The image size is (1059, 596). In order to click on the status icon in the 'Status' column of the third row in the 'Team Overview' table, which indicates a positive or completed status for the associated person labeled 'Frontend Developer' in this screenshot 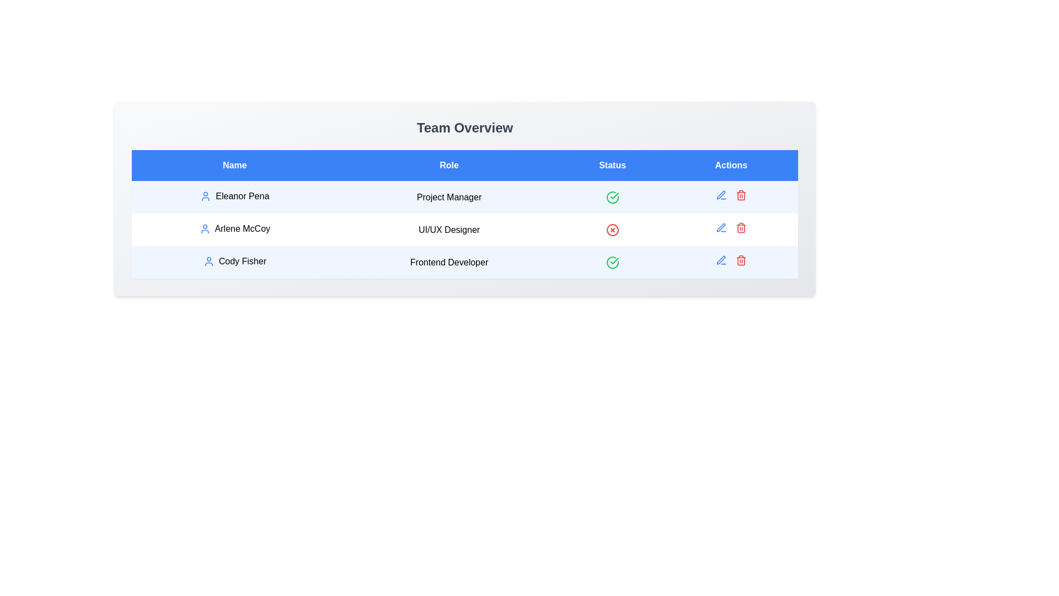, I will do `click(614, 195)`.